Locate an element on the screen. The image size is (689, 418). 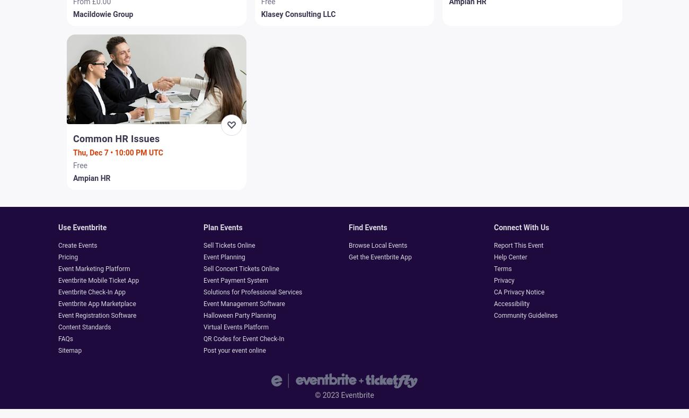
'Eventbrite App Marketplace' is located at coordinates (57, 304).